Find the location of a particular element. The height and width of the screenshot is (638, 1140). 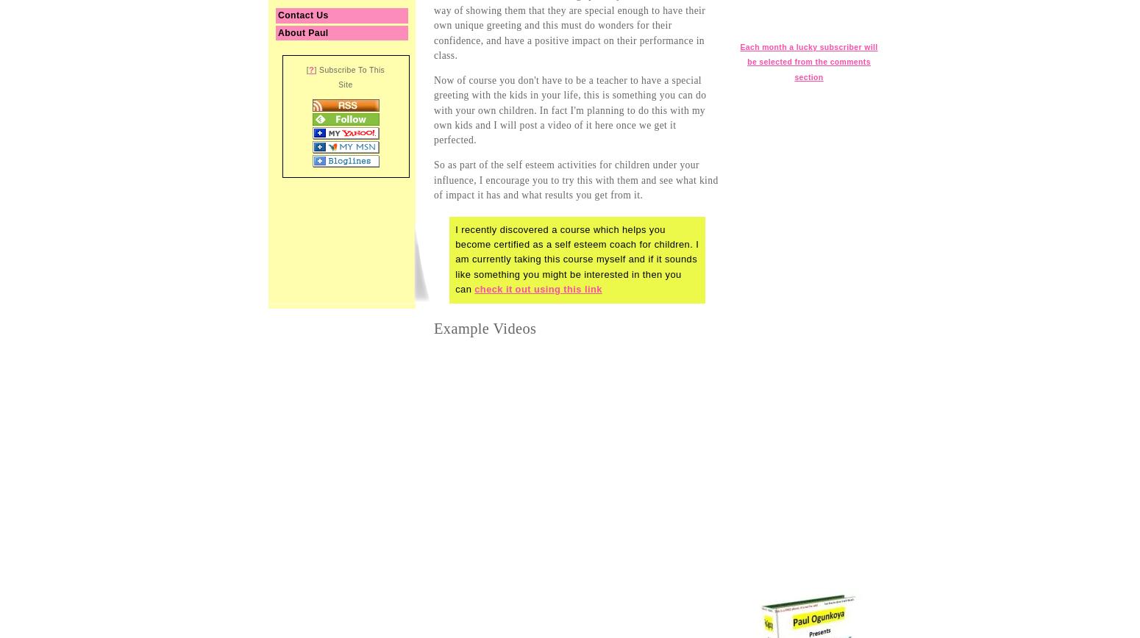

'Now of course you don't have to be a teacher to have a special greeting with the kids in your life, this is something you can do with your own children. In fact I'm planning to do this with my own kids and I will post a video of it here once we get it perfected.' is located at coordinates (570, 110).